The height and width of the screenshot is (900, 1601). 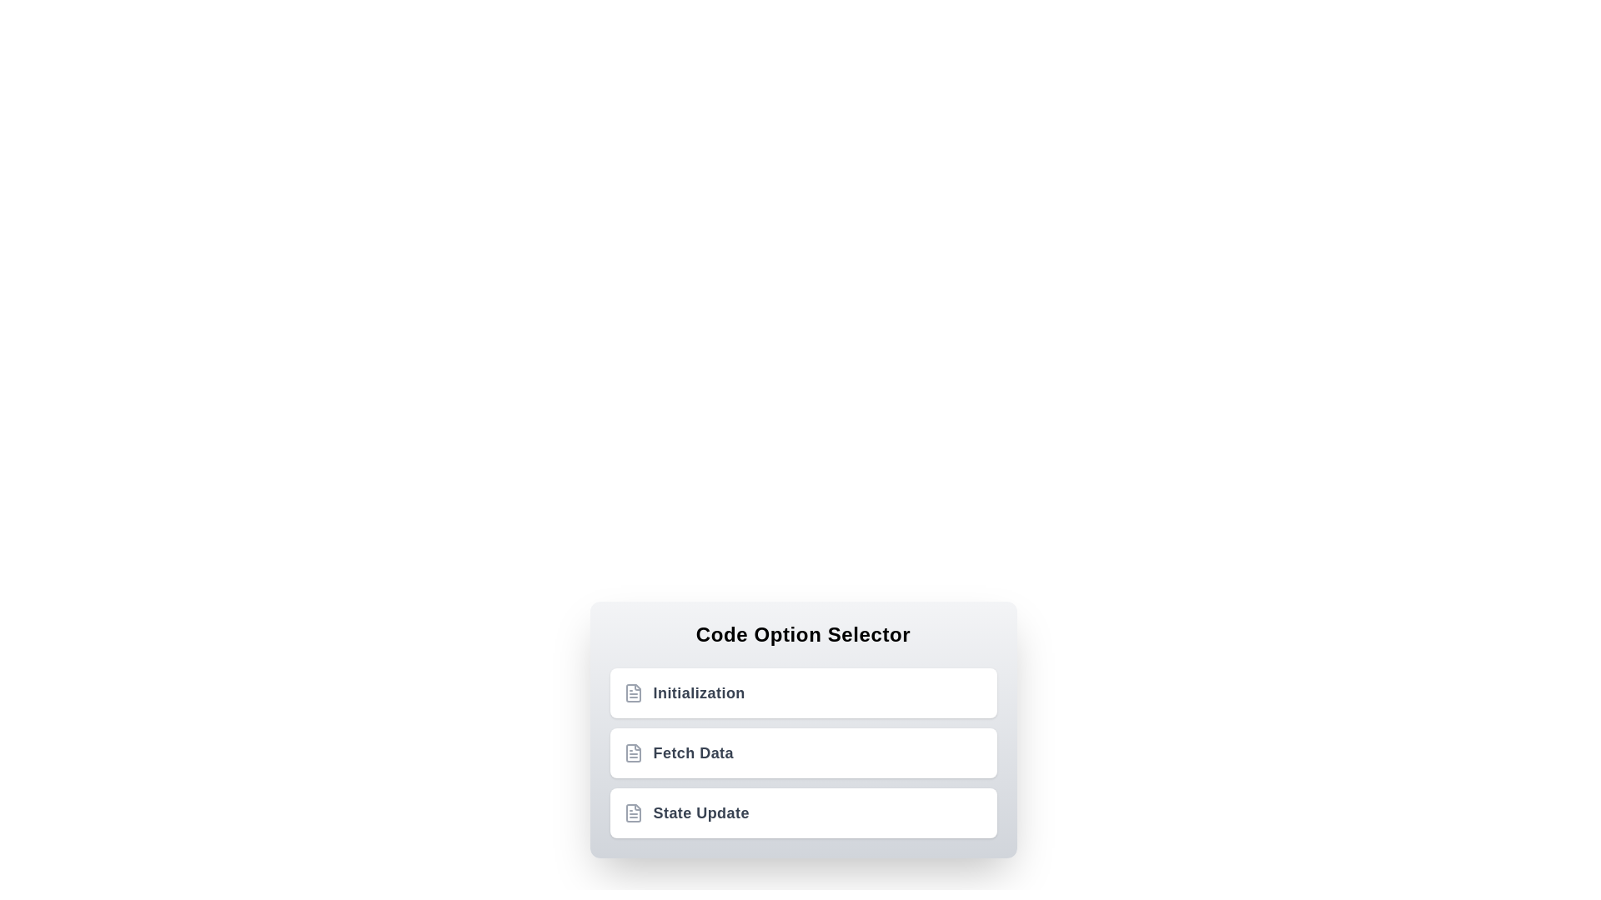 What do you see at coordinates (632, 812) in the screenshot?
I see `the document or file icon visually associated with the 'State Update' option` at bounding box center [632, 812].